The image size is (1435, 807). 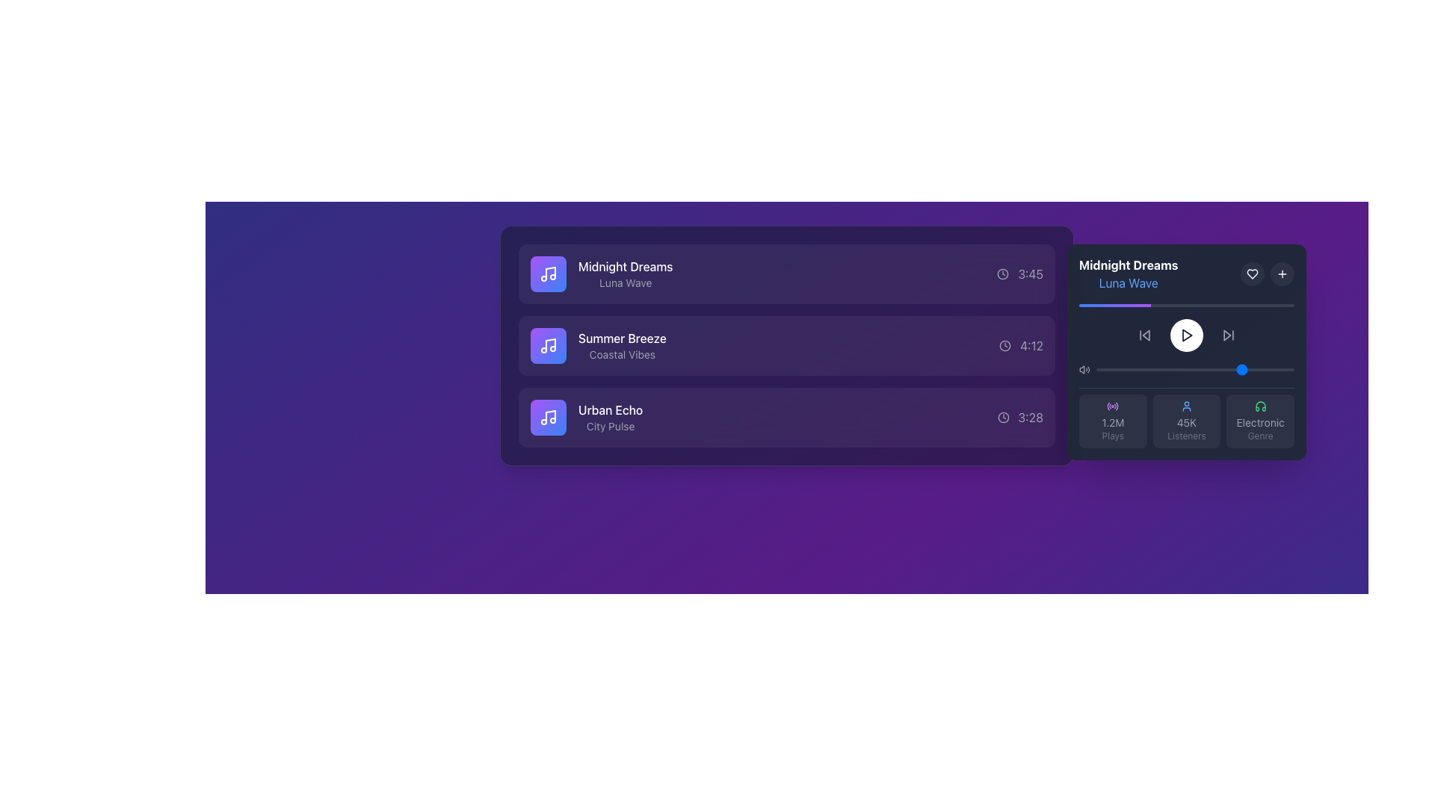 What do you see at coordinates (1215, 369) in the screenshot?
I see `the slider` at bounding box center [1215, 369].